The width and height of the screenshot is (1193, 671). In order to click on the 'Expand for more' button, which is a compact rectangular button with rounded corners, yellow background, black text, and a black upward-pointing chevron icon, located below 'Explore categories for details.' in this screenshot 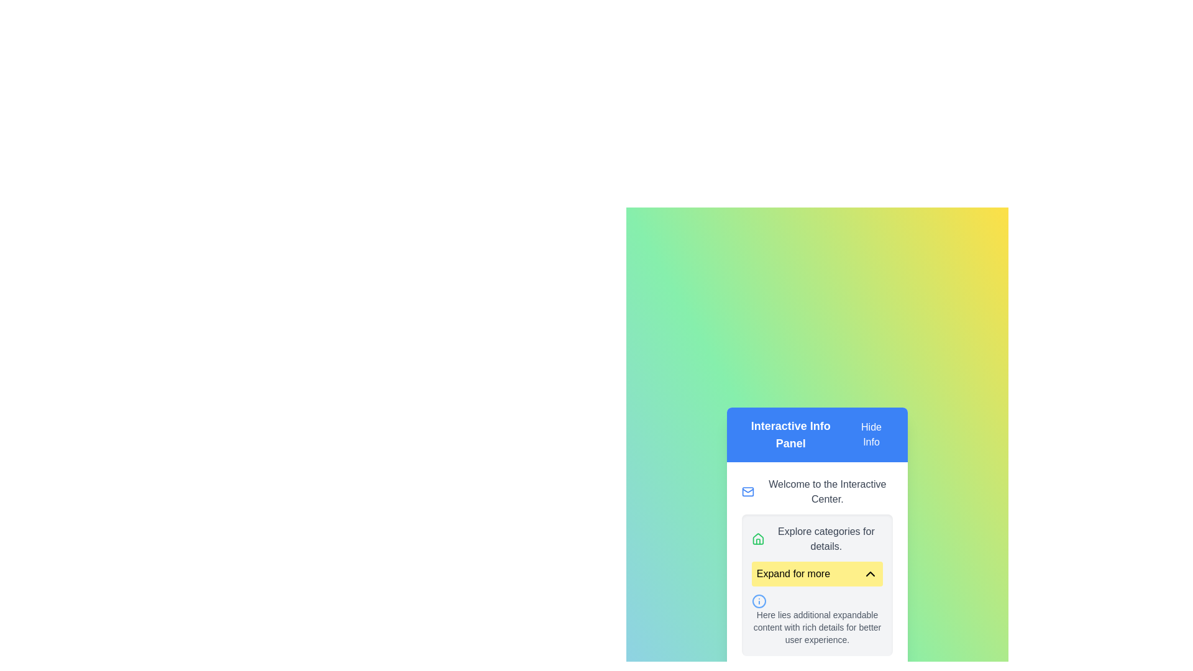, I will do `click(817, 585)`.